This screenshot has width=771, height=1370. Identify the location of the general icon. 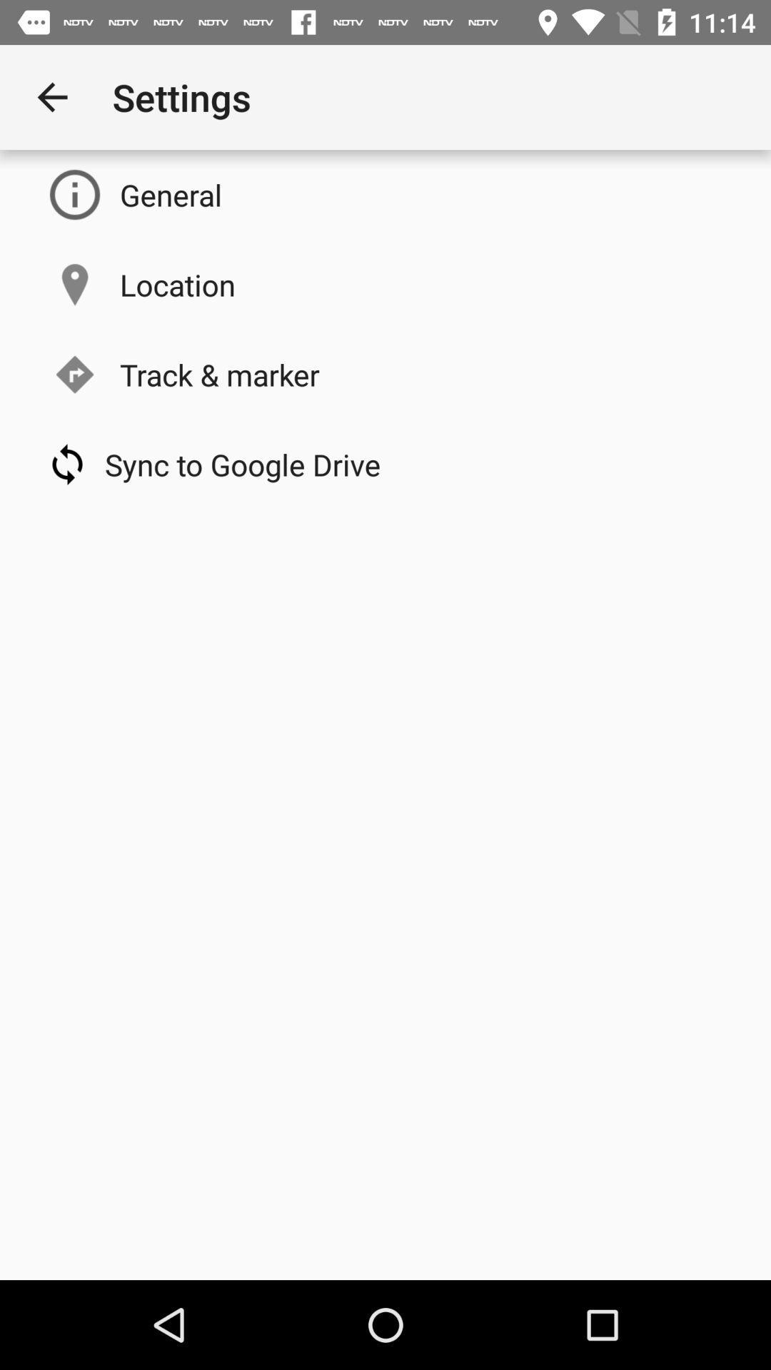
(170, 194).